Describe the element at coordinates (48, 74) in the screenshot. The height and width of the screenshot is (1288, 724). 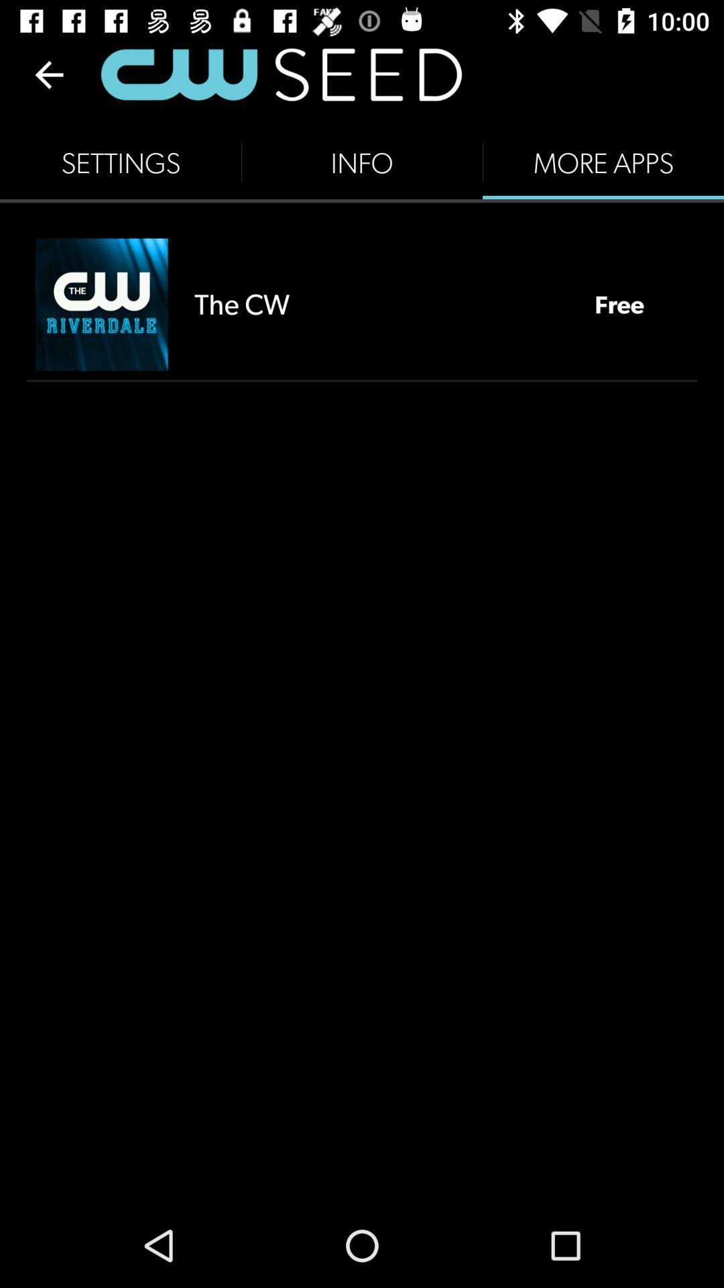
I see `the item above settings` at that location.